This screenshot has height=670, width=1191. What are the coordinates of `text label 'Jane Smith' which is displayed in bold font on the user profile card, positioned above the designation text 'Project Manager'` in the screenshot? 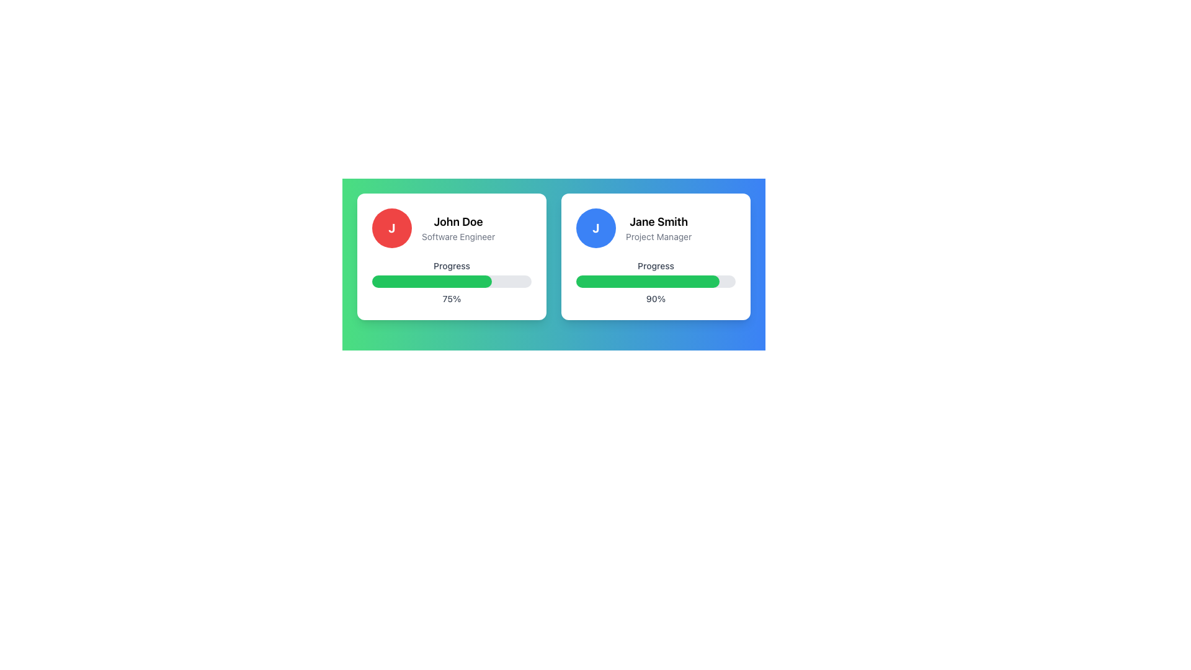 It's located at (658, 221).